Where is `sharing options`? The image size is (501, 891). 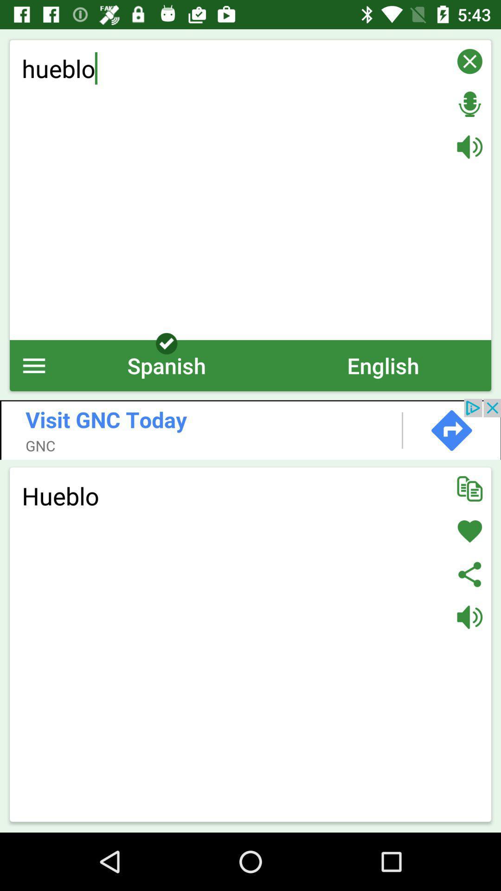 sharing options is located at coordinates (469, 574).